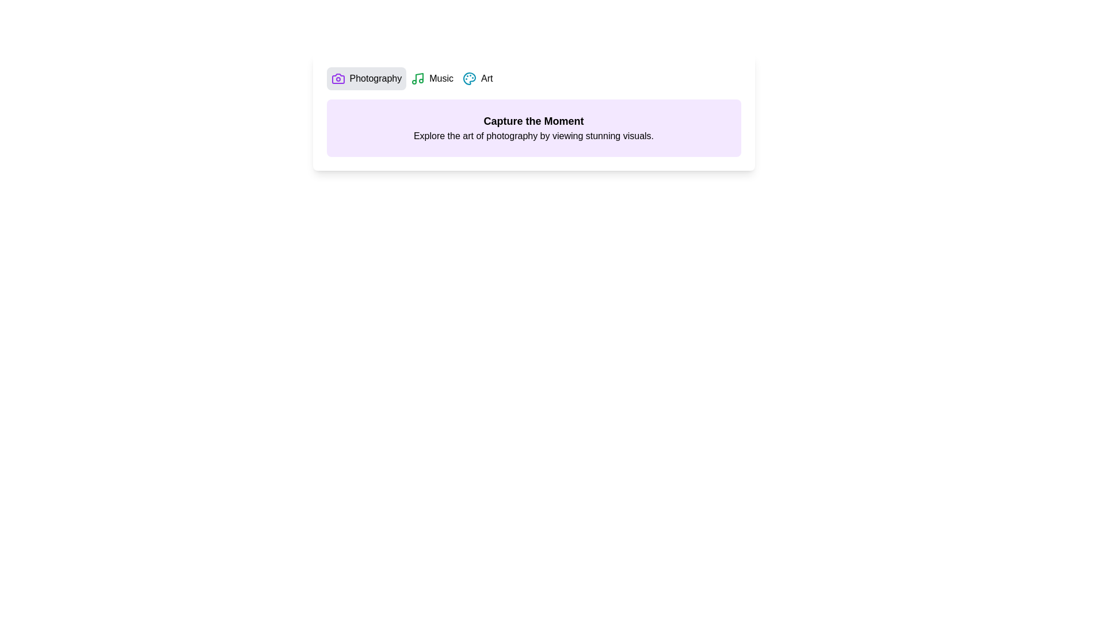 This screenshot has height=621, width=1105. I want to click on the icon next to the tab Photography to inspect its functionality, so click(337, 78).